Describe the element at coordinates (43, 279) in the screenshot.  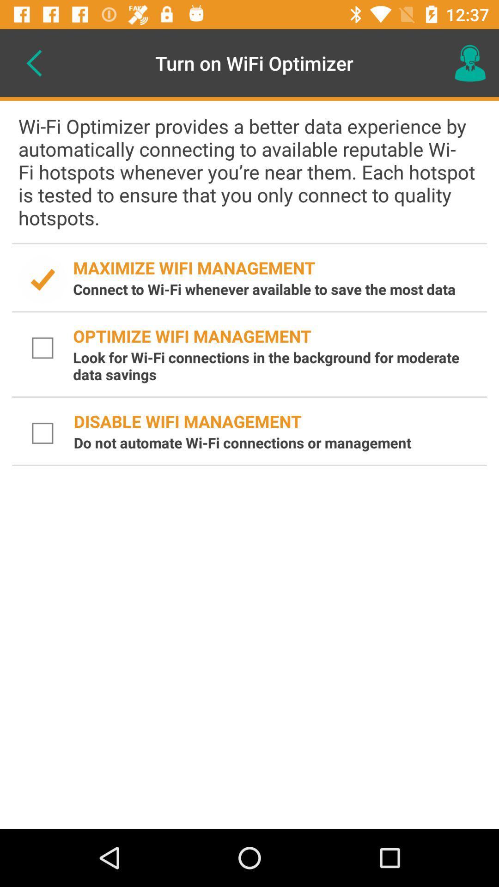
I see `first box` at that location.